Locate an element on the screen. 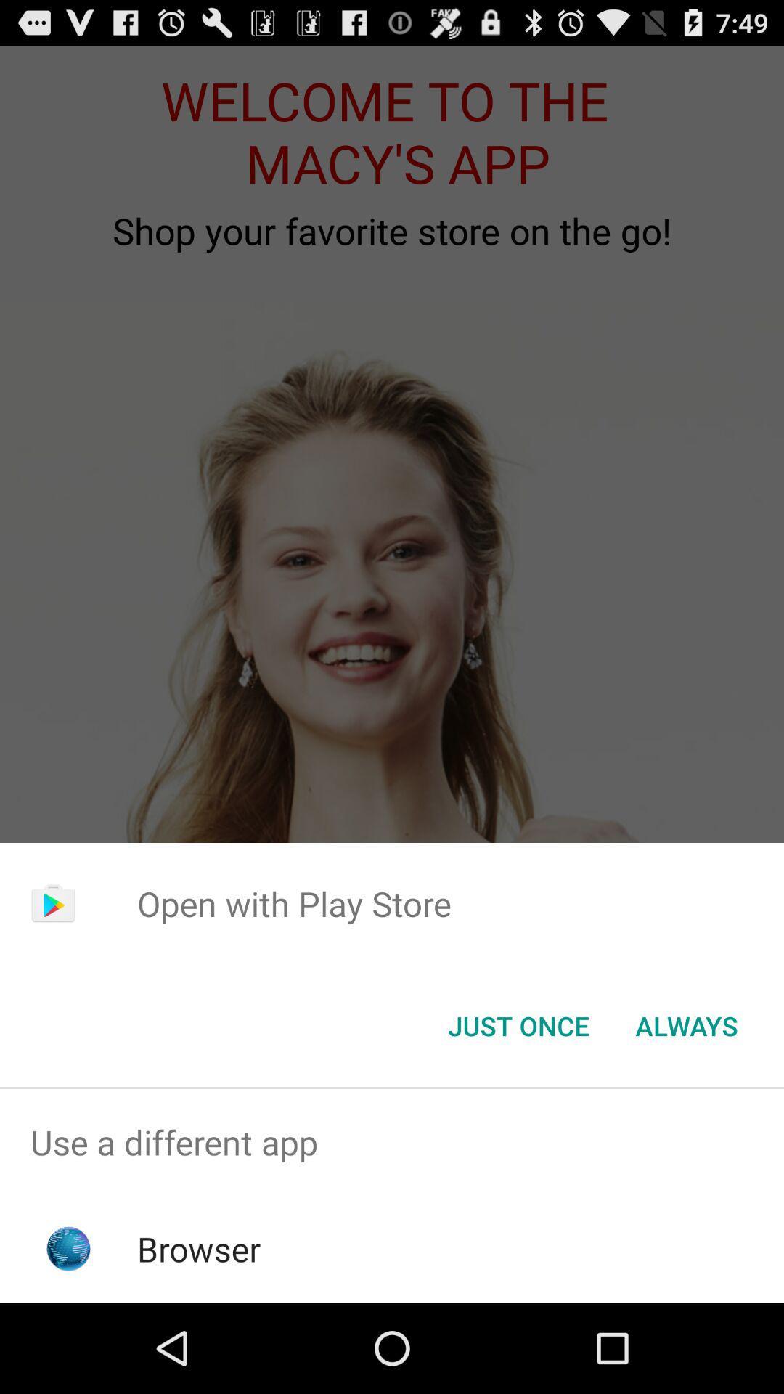  the browser is located at coordinates (199, 1248).